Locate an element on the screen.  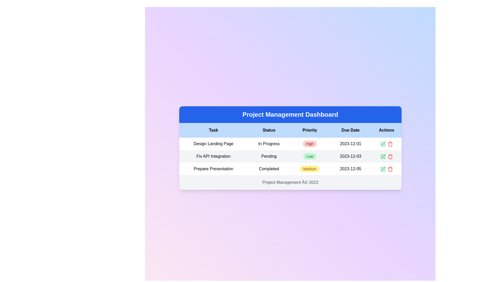
the delete button located in the third row of the table under the 'Actions' column, which is the second icon to the right of the green edit icon is located at coordinates (390, 156).